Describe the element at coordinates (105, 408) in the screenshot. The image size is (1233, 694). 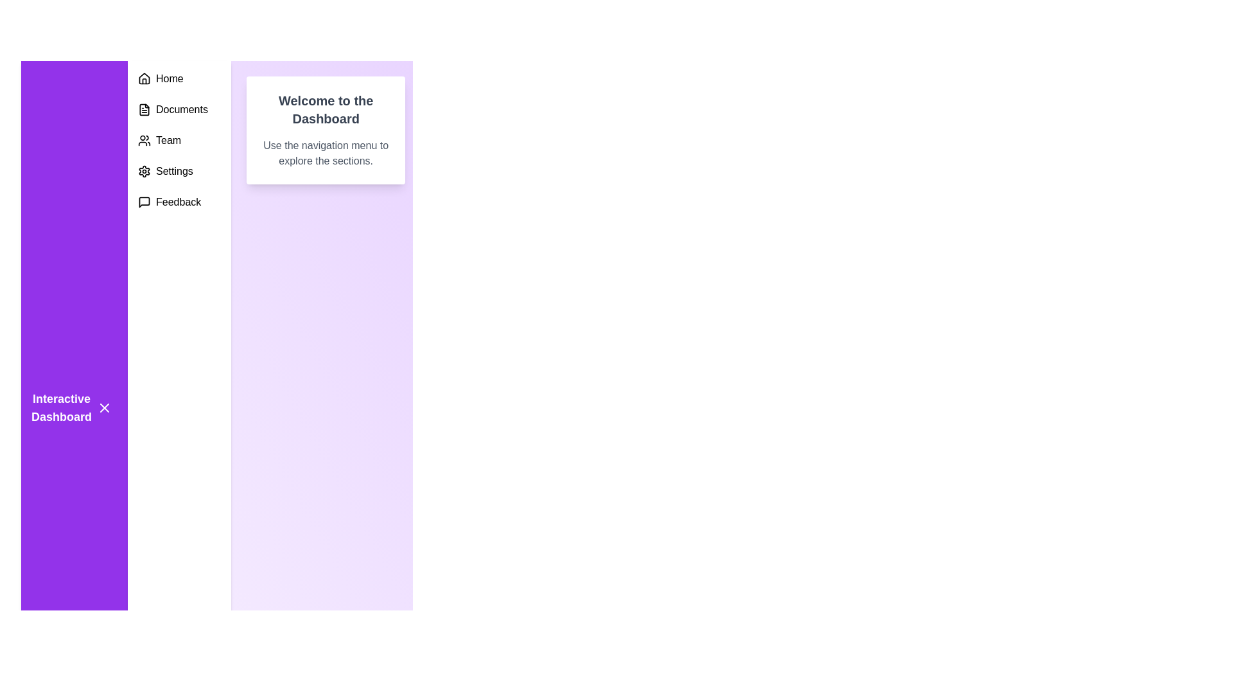
I see `the close button located in the purple sidebar` at that location.